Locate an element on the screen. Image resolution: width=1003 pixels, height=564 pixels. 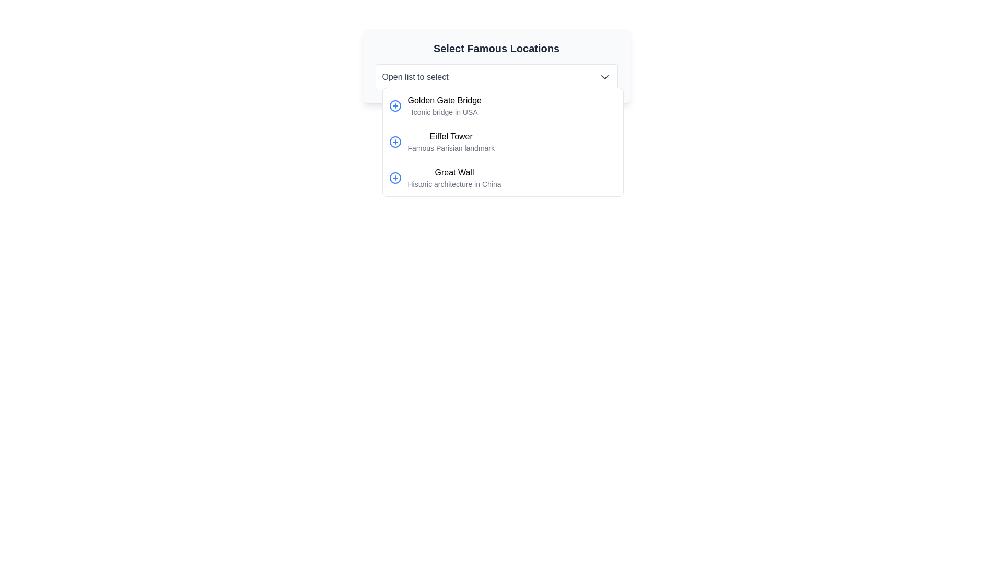
descriptive text label providing information about the 'Great Wall' item in the dropdown list is located at coordinates (454, 184).